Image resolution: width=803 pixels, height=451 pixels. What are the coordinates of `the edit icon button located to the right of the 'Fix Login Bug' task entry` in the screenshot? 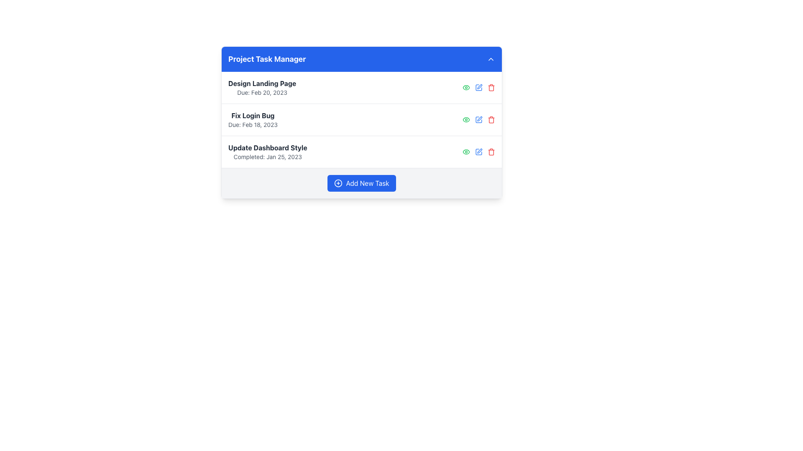 It's located at (480, 86).